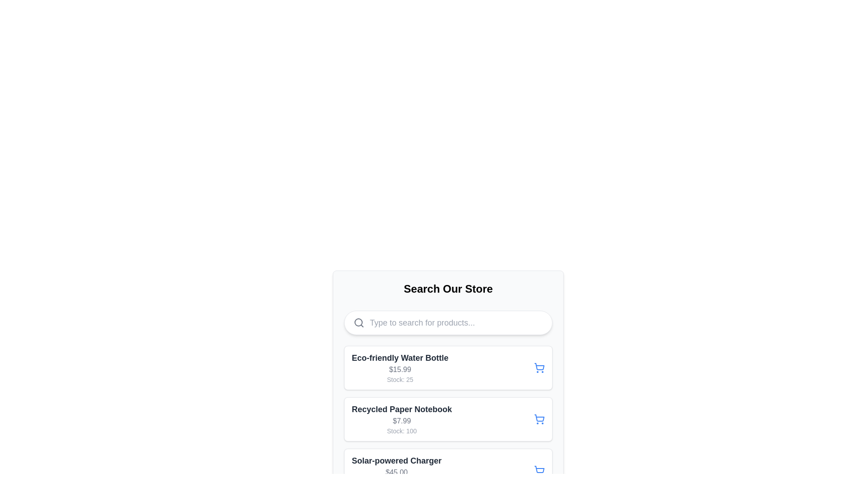  Describe the element at coordinates (539, 418) in the screenshot. I see `the shopping cart icon associated with the 'Recycled Paper Notebook' product, located near the right edge of the item` at that location.